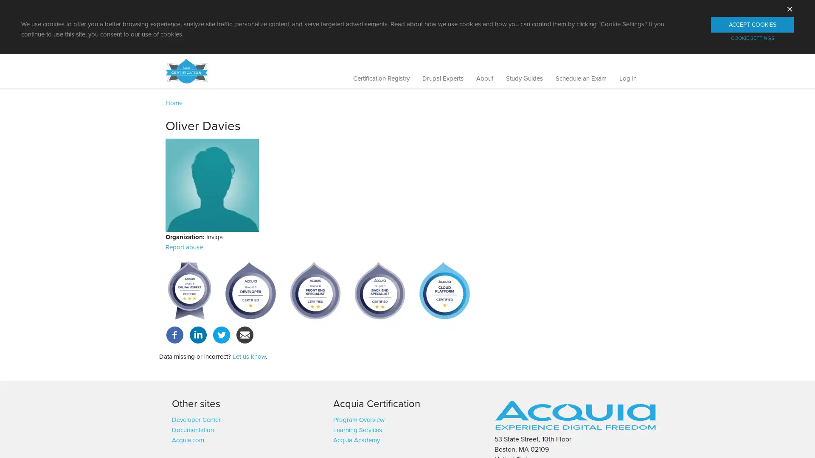 Image resolution: width=815 pixels, height=458 pixels. Describe the element at coordinates (752, 24) in the screenshot. I see `ACCEPT COOKIES` at that location.